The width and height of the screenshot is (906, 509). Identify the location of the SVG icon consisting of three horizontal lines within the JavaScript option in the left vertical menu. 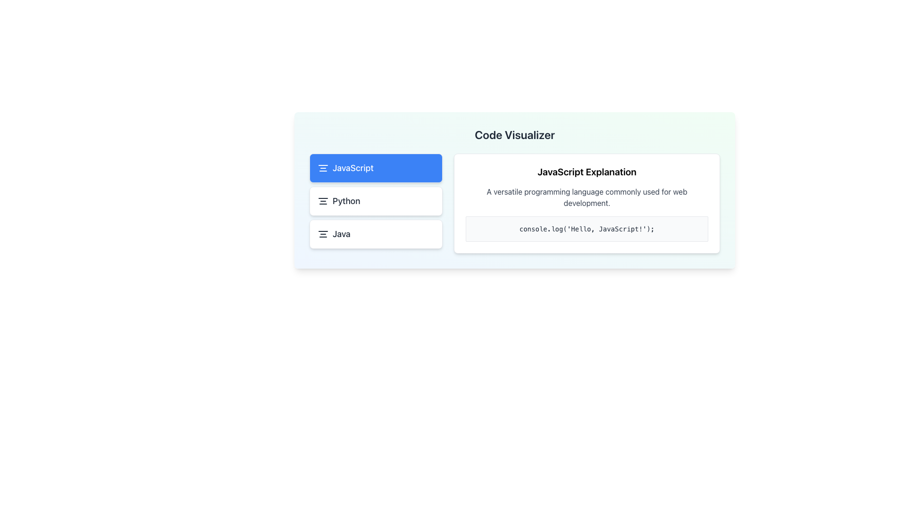
(323, 168).